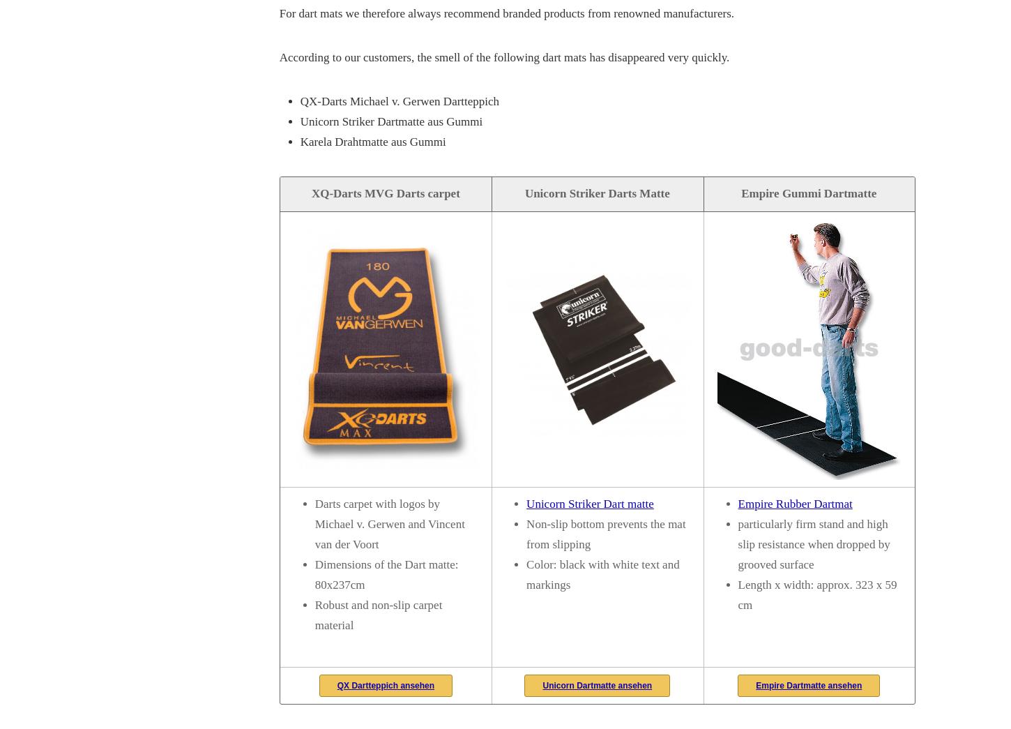  Describe the element at coordinates (816, 594) in the screenshot. I see `'Length x width: approx. 323 x 59 cm'` at that location.